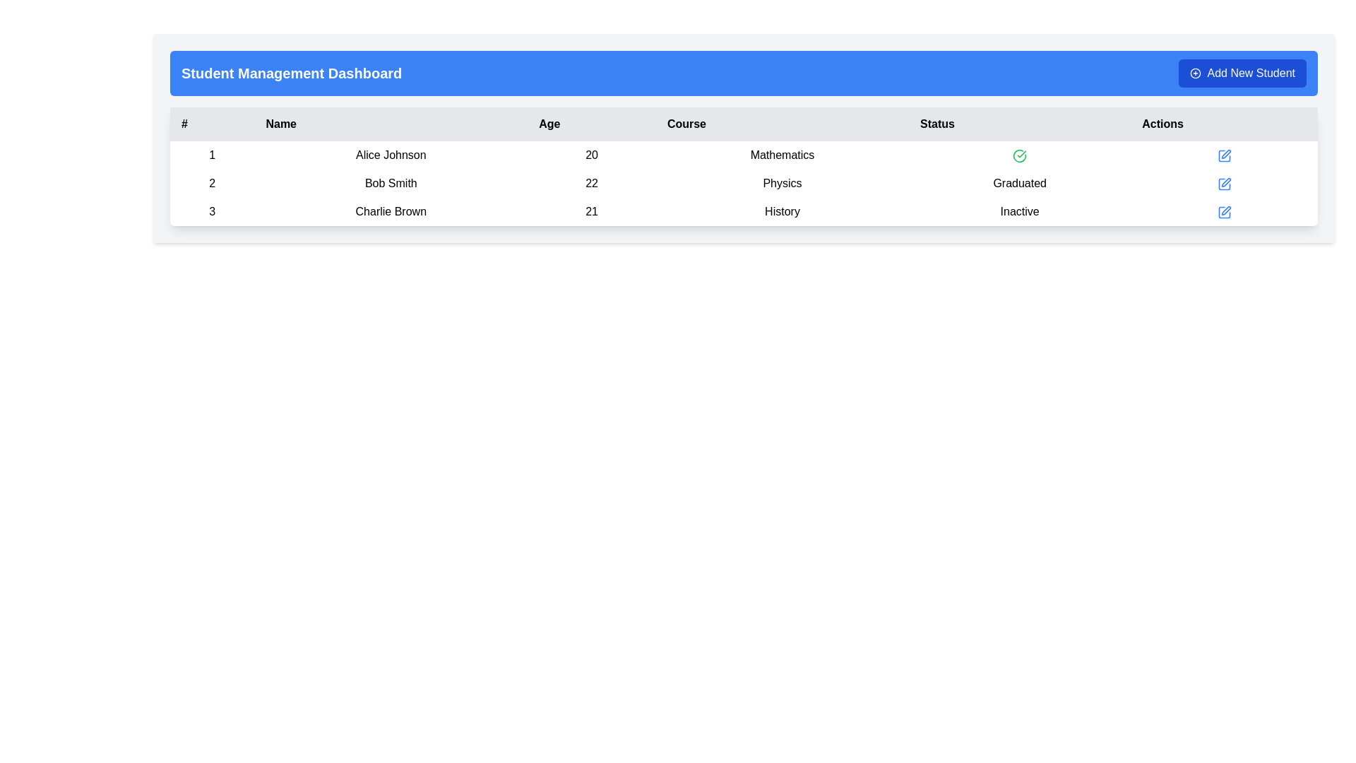 The height and width of the screenshot is (763, 1356). Describe the element at coordinates (1223, 155) in the screenshot. I see `the blue button with a pen icon located in the 'Actions' section of the last row in the data table, corresponding to the user 'Charlie Brown'` at that location.